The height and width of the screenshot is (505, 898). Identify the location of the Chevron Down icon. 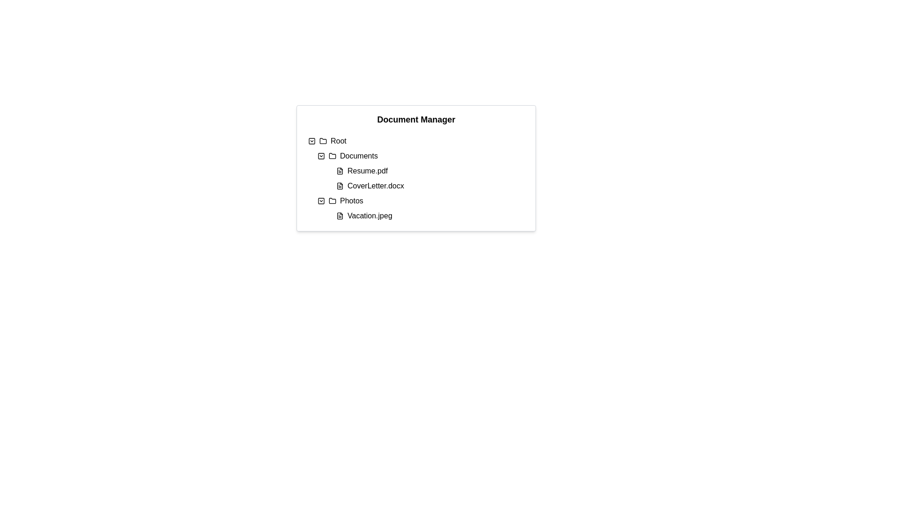
(321, 200).